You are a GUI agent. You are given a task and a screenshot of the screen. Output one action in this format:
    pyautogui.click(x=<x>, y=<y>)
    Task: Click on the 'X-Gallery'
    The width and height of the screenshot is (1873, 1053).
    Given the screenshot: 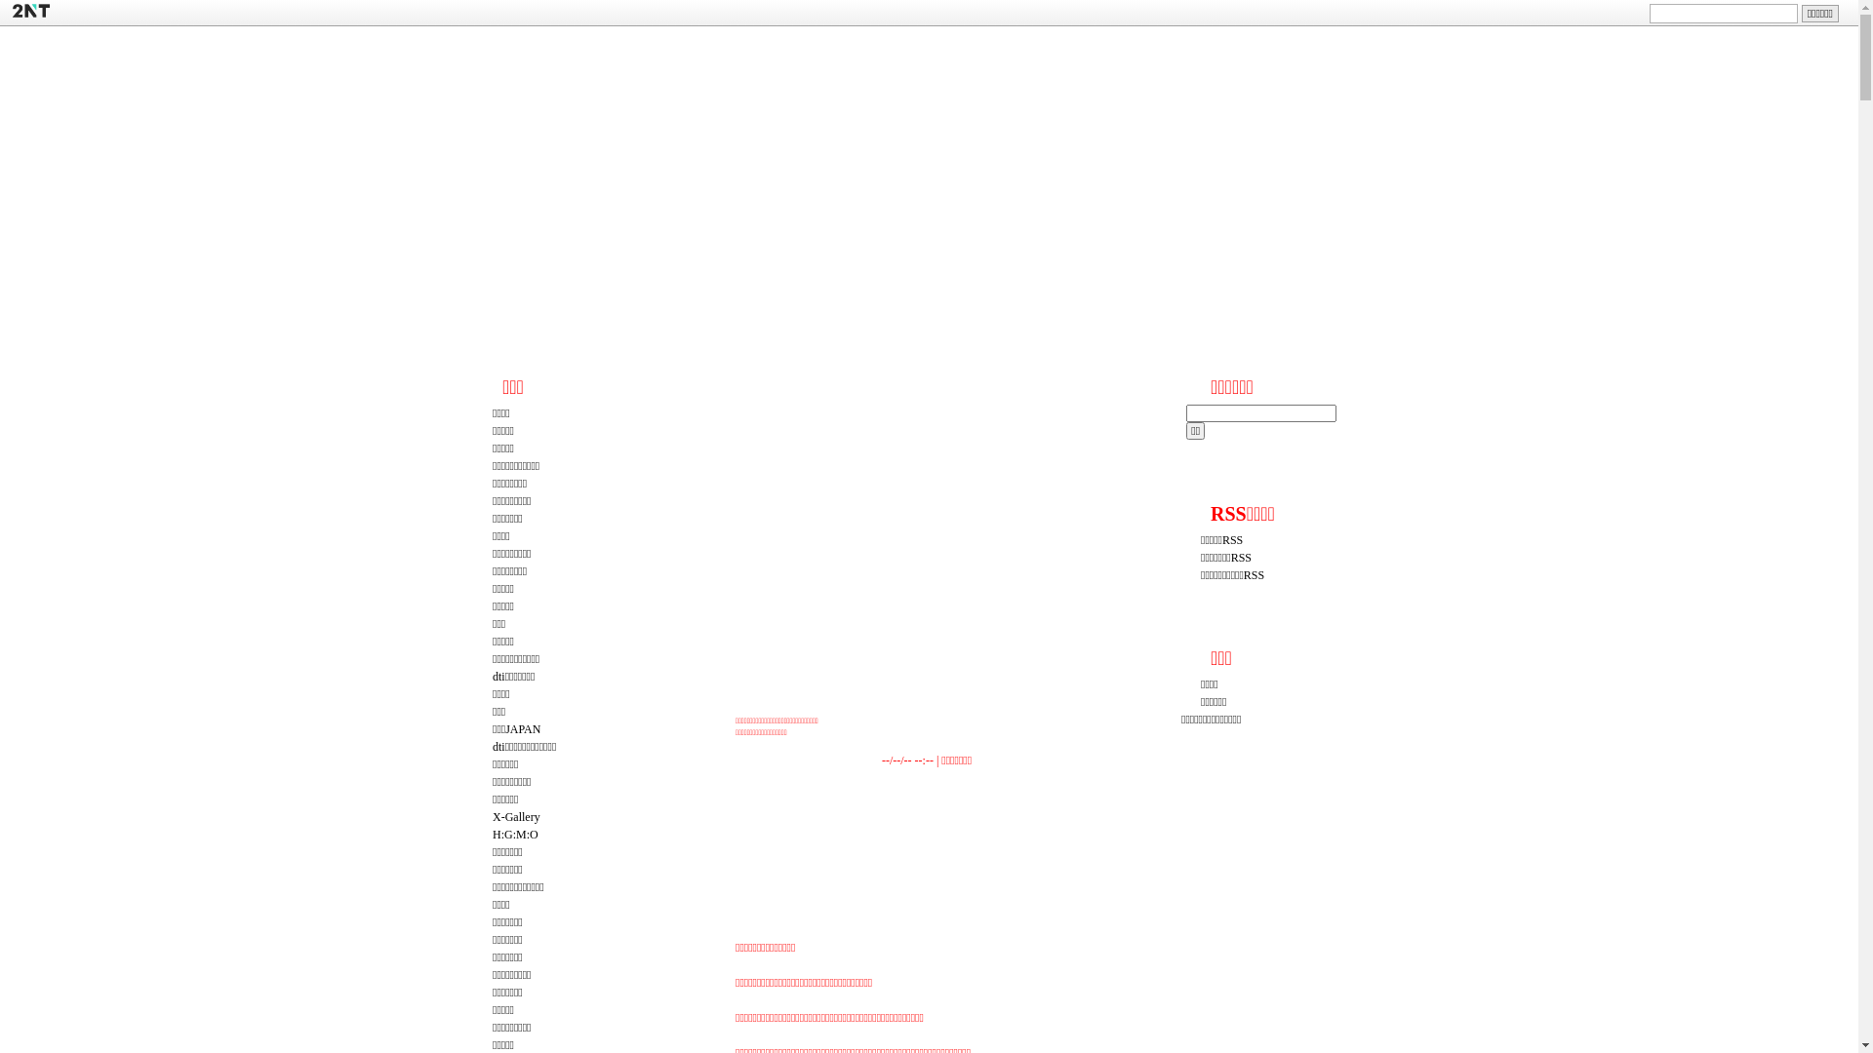 What is the action you would take?
    pyautogui.click(x=516, y=816)
    